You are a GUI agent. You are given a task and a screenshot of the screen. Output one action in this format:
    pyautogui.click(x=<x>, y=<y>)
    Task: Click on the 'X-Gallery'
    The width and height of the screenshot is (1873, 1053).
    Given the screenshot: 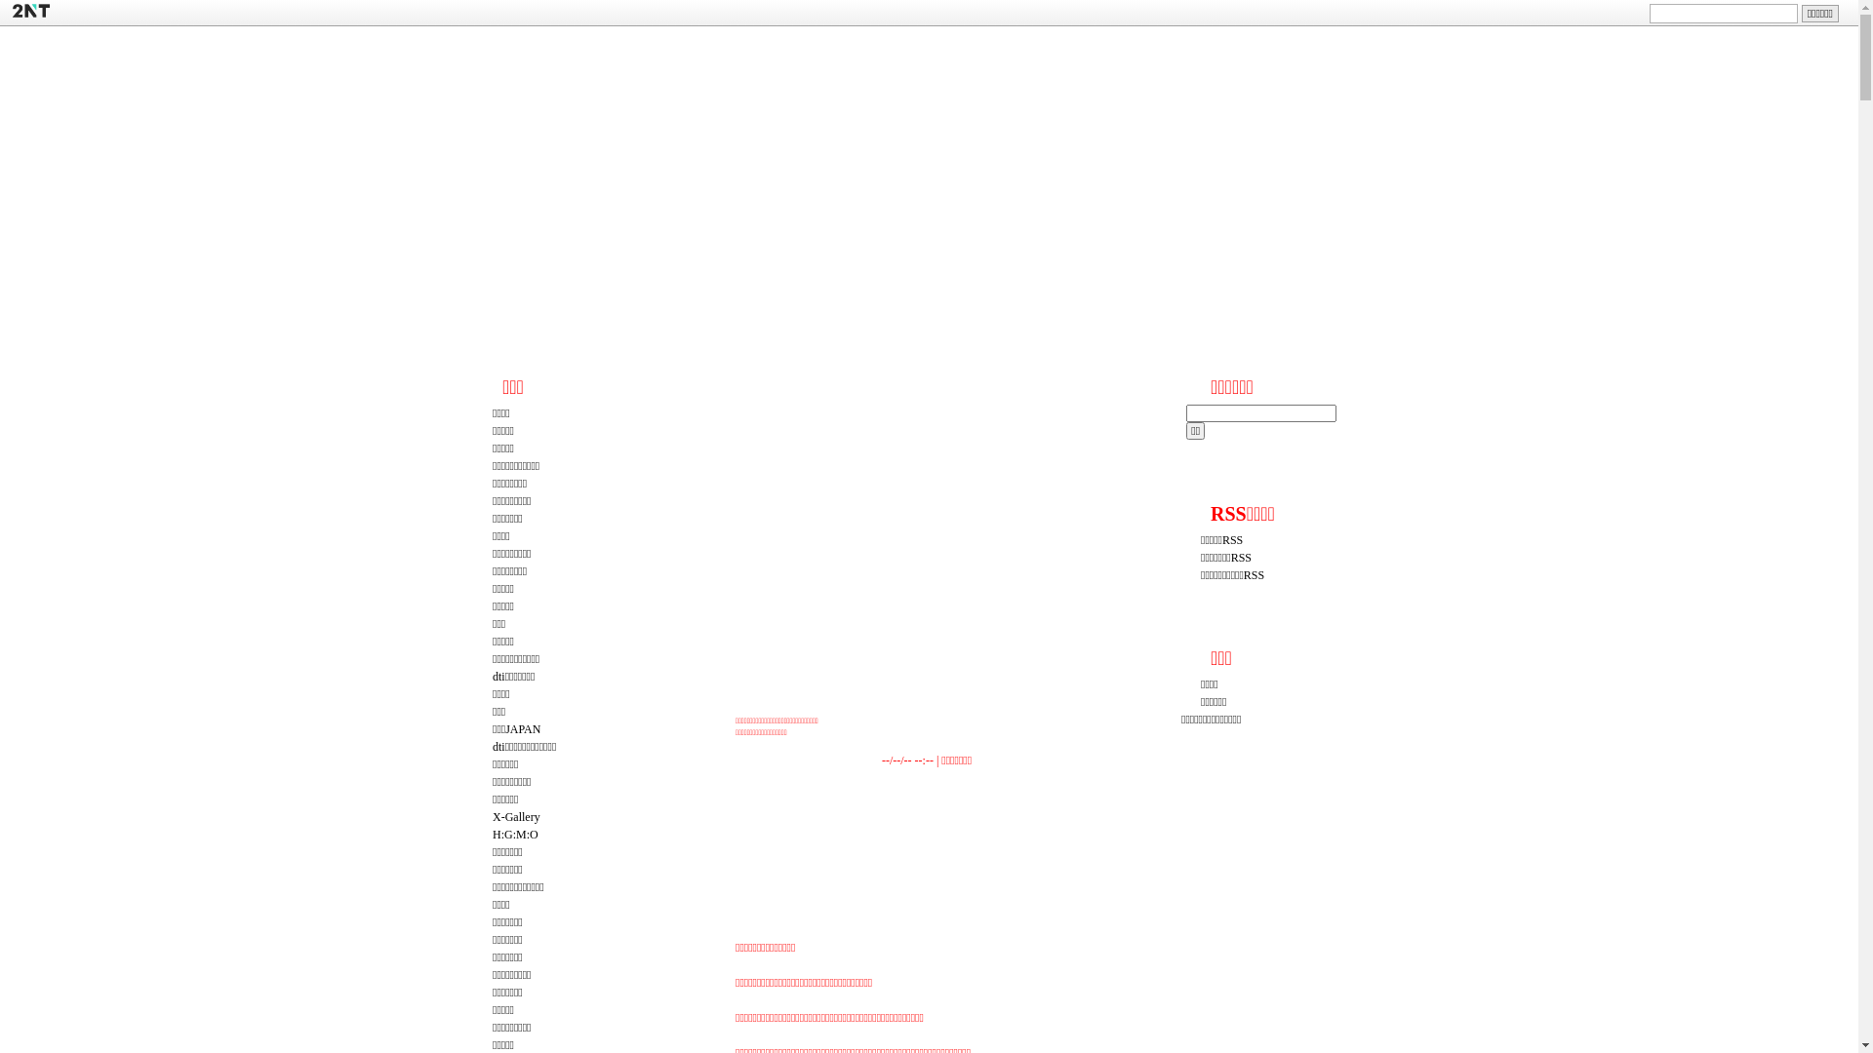 What is the action you would take?
    pyautogui.click(x=516, y=816)
    